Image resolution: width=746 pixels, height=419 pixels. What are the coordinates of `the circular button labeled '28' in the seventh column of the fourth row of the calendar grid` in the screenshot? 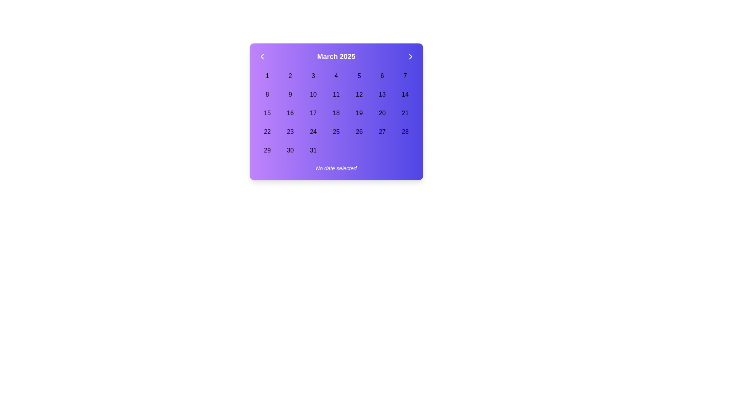 It's located at (404, 131).